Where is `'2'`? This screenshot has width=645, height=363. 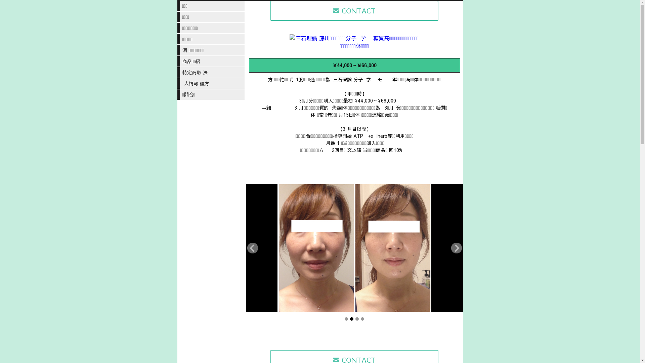
'2' is located at coordinates (349, 318).